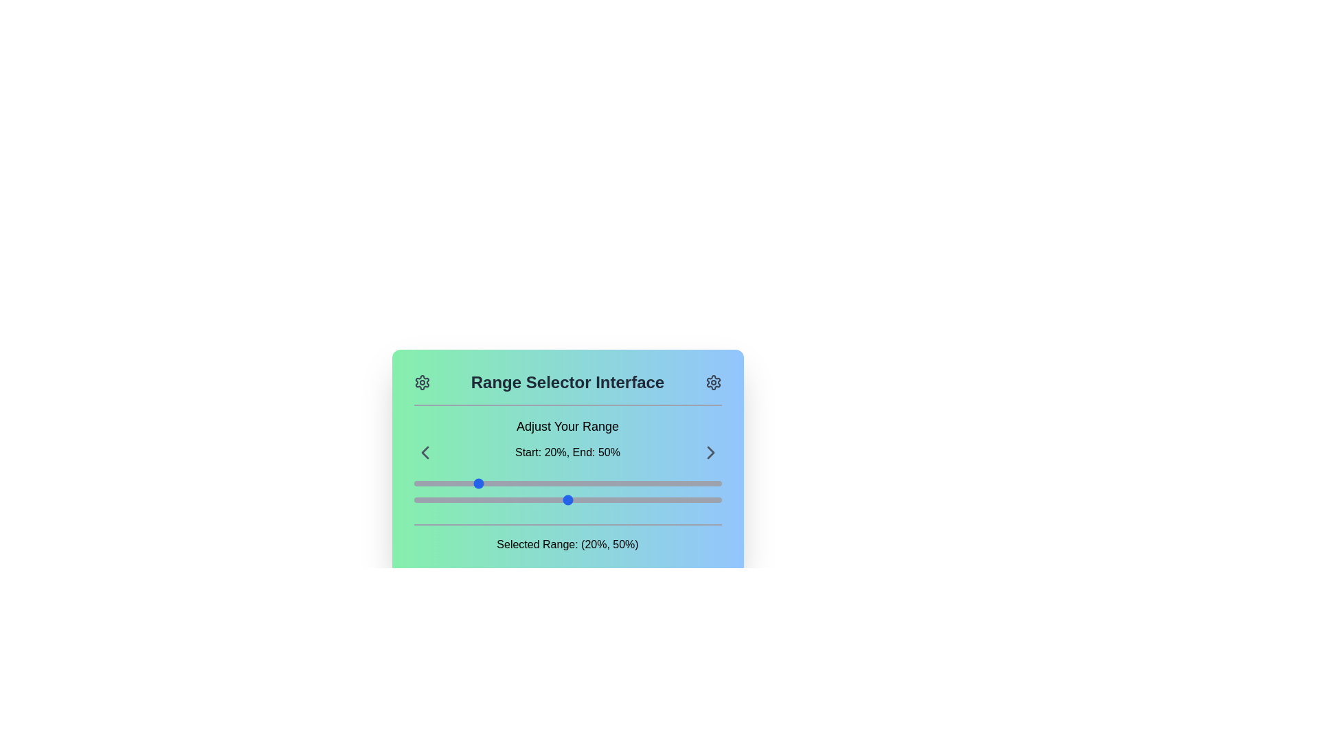  Describe the element at coordinates (421, 382) in the screenshot. I see `the cog-shaped settings icon located near the top-right corner of the 'Range Selector Interface'` at that location.